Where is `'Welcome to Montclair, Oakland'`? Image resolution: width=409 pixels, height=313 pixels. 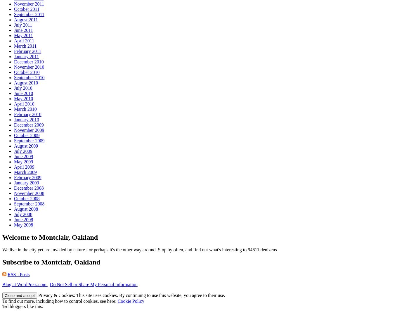 'Welcome to Montclair, Oakland' is located at coordinates (50, 237).